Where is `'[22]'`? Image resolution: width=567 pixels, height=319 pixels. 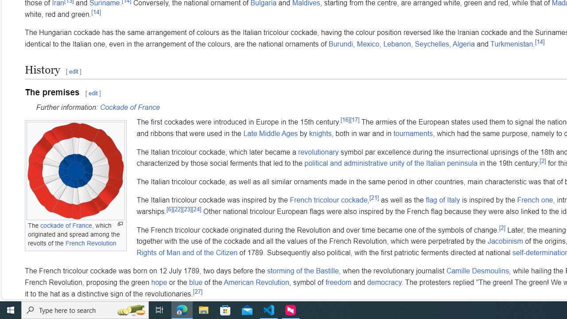 '[22]' is located at coordinates (177, 209).